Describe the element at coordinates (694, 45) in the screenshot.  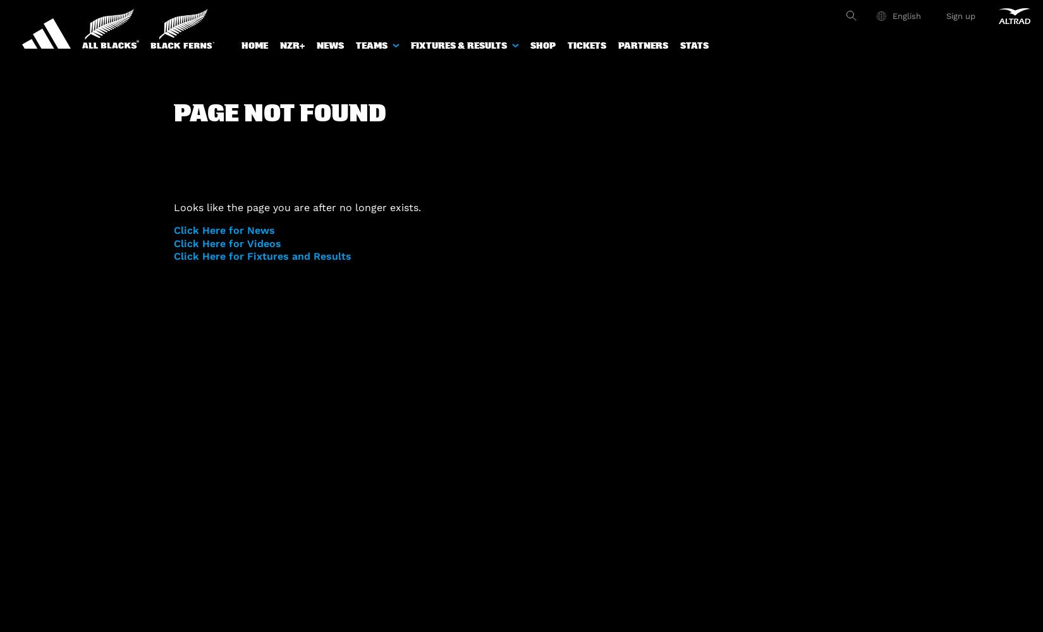
I see `'Stats'` at that location.